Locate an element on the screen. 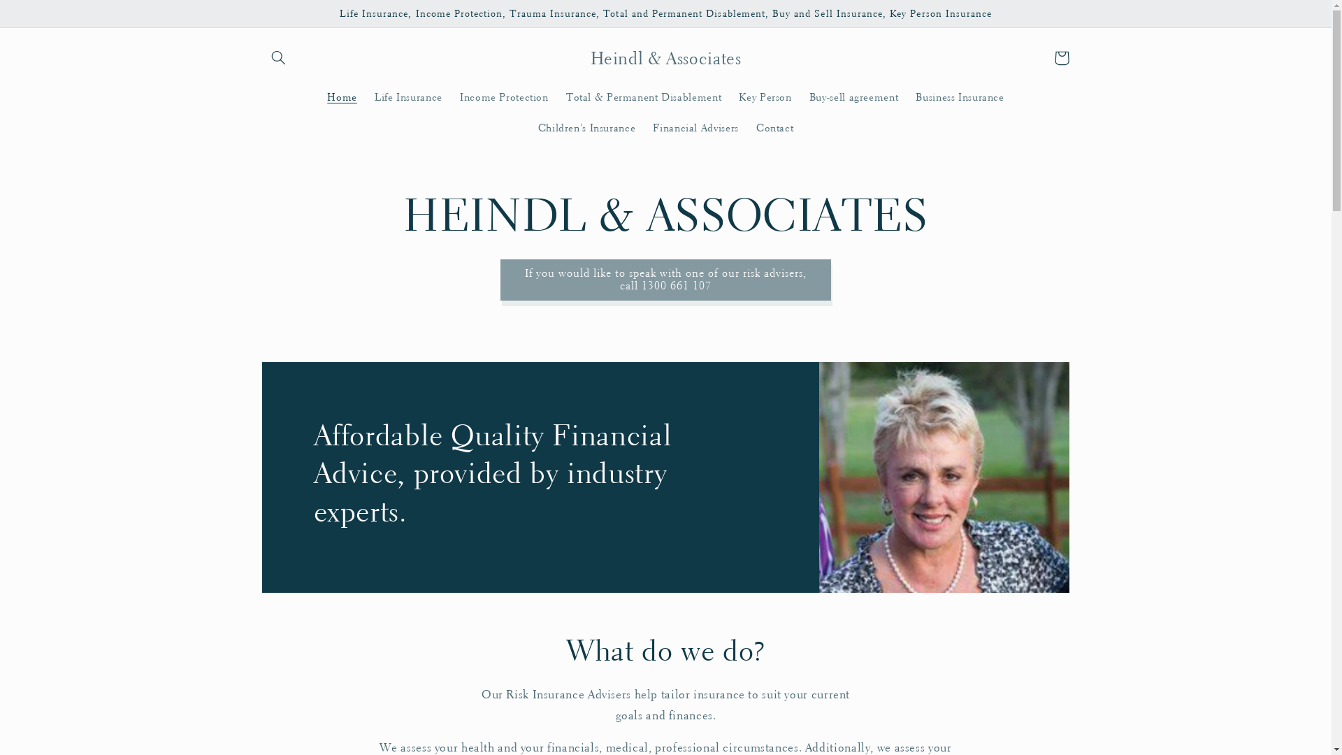  'Business Insurance' is located at coordinates (907, 96).